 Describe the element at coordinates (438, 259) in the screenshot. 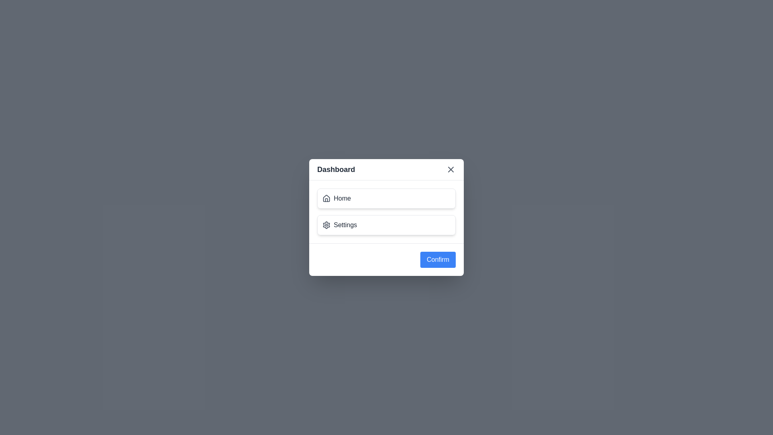

I see `'Confirm' button to confirm the selection` at that location.